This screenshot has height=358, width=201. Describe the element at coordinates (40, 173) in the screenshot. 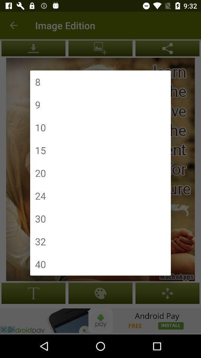

I see `icon below 15` at that location.